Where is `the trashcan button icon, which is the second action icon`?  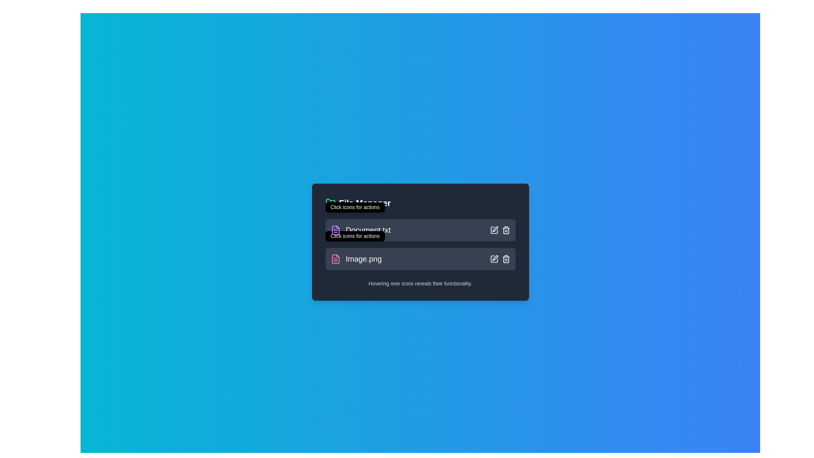 the trashcan button icon, which is the second action icon is located at coordinates (506, 230).